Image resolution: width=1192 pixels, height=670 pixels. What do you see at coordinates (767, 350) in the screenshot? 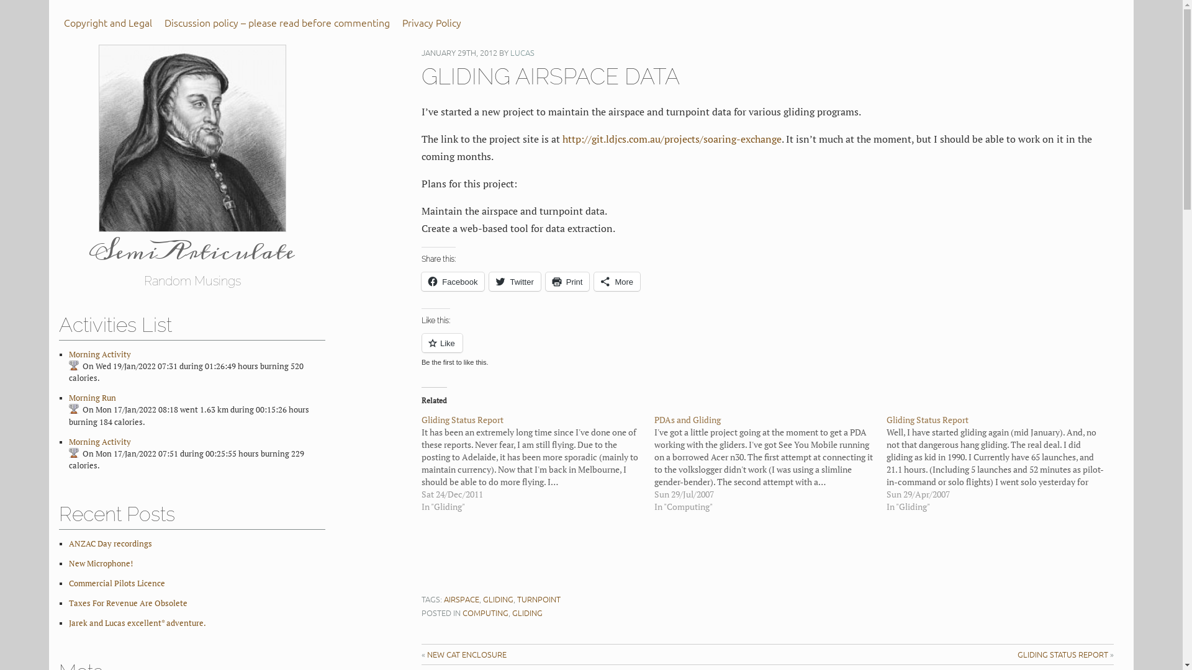
I see `'Like or Reblog'` at bounding box center [767, 350].